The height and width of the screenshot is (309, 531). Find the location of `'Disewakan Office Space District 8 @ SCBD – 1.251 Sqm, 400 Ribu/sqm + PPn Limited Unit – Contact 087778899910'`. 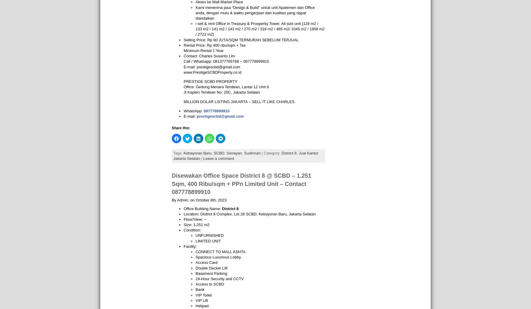

'Disewakan Office Space District 8 @ SCBD – 1.251 Sqm, 400 Ribu/sqm + PPn Limited Unit – Contact 087778899910' is located at coordinates (241, 183).